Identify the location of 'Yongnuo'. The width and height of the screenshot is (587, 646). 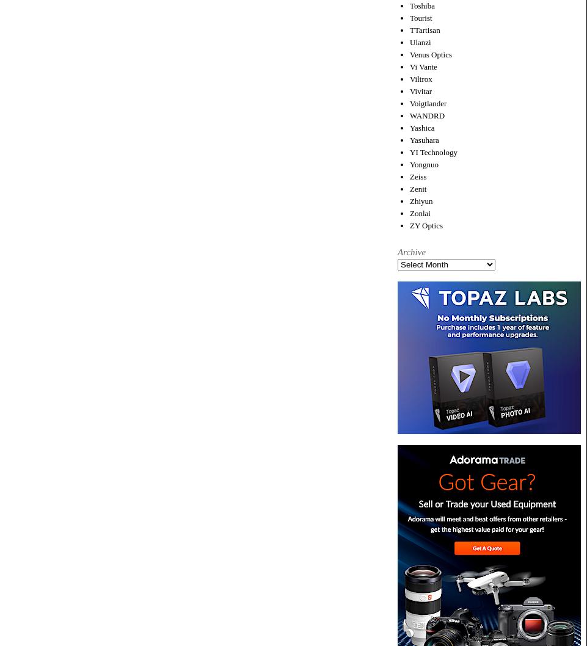
(423, 163).